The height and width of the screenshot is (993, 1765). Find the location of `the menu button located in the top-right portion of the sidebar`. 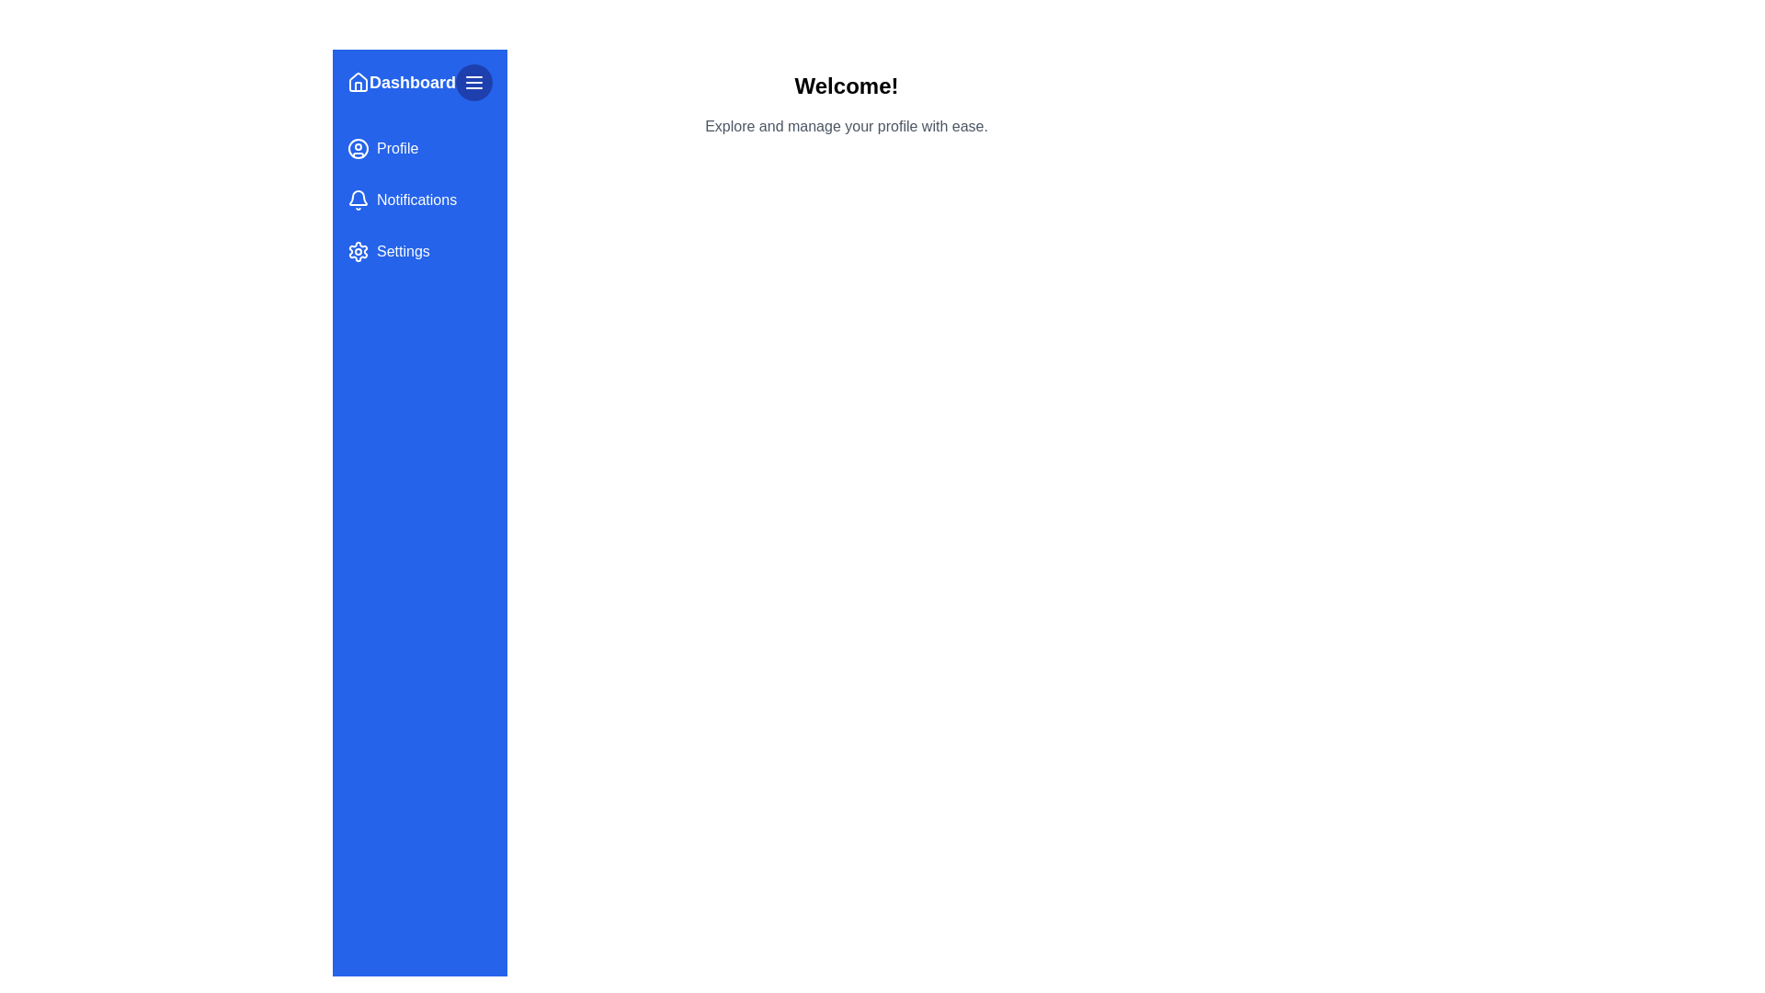

the menu button located in the top-right portion of the sidebar is located at coordinates (474, 81).